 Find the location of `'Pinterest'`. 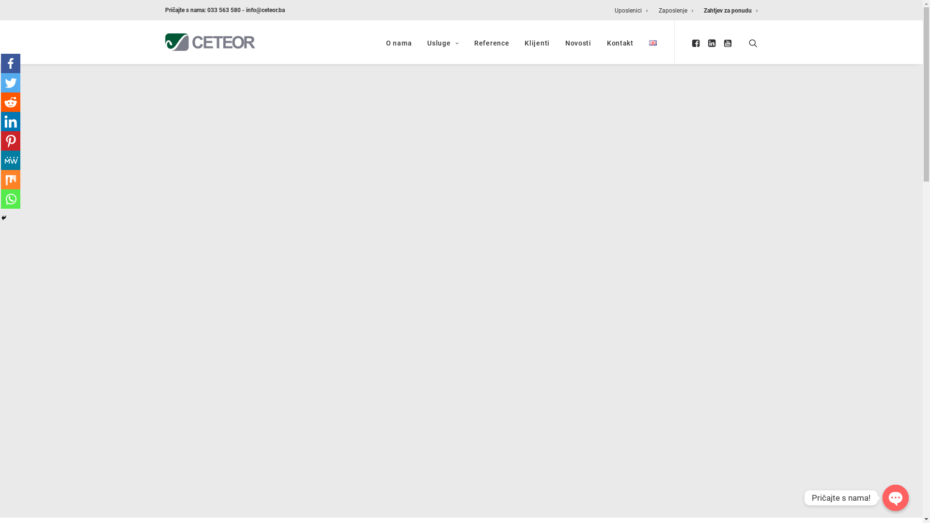

'Pinterest' is located at coordinates (0, 140).